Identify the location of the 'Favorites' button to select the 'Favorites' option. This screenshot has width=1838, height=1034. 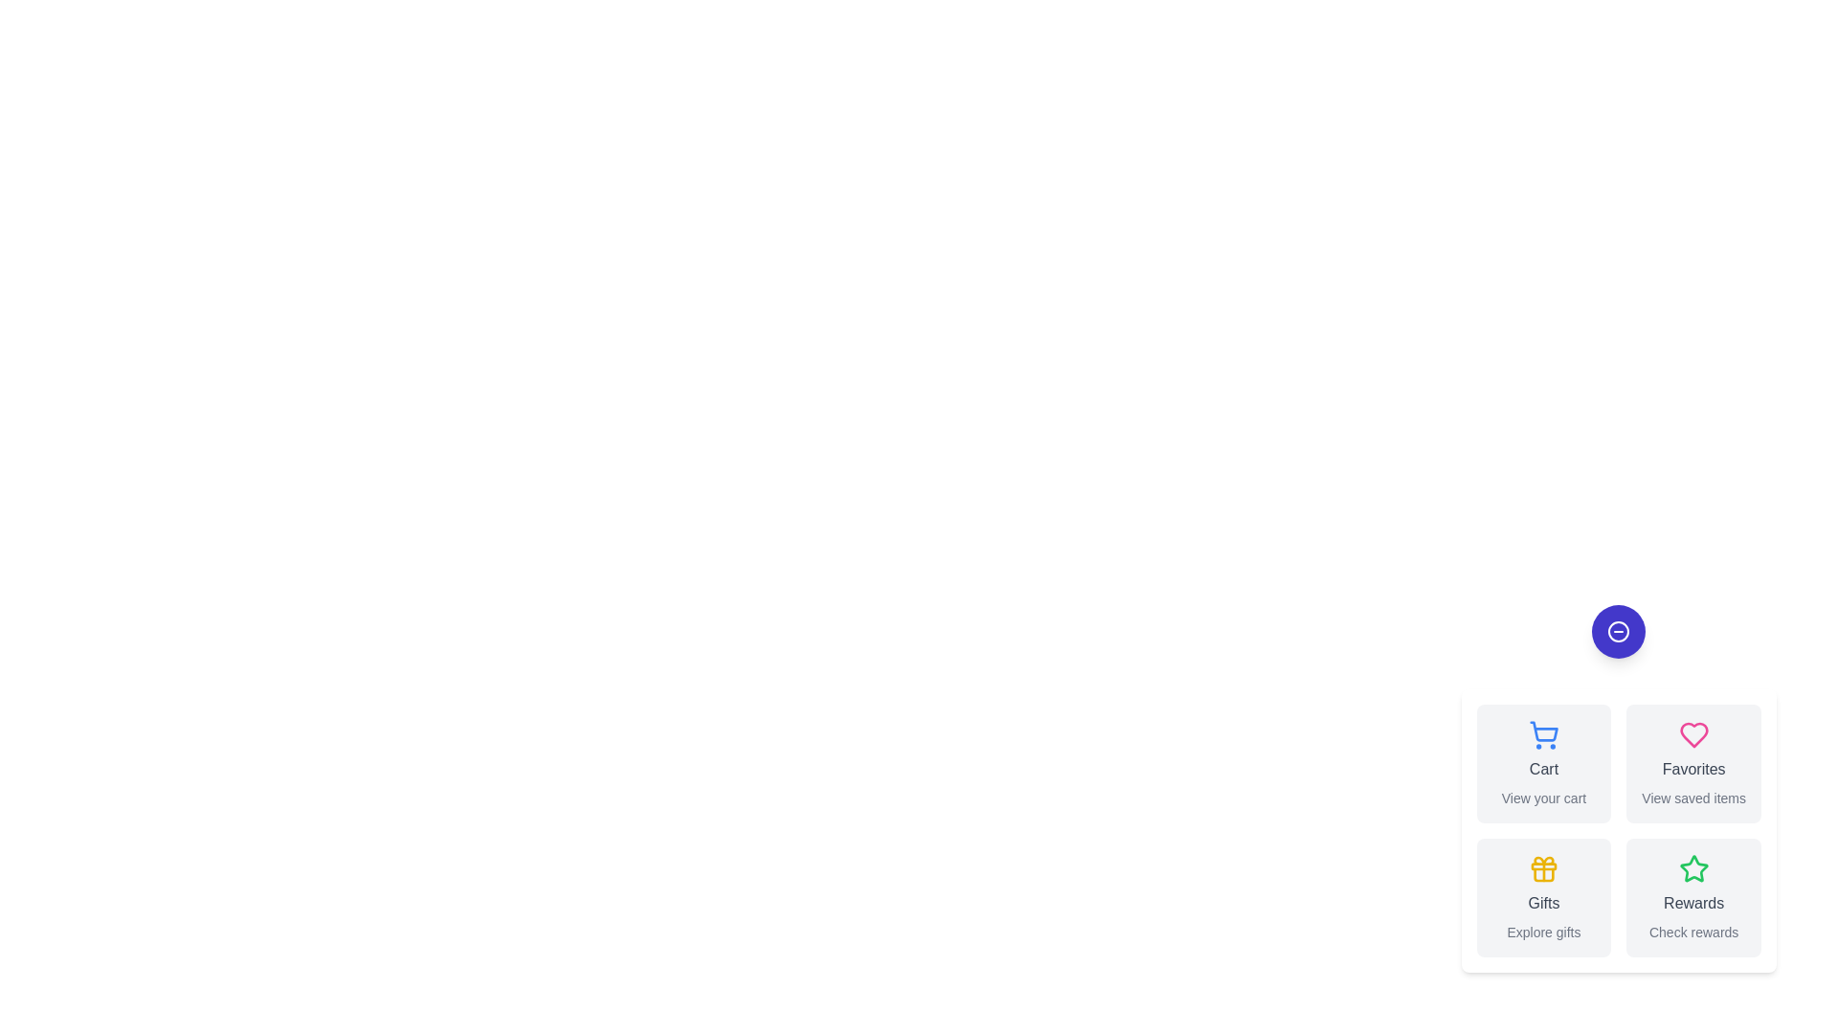
(1693, 763).